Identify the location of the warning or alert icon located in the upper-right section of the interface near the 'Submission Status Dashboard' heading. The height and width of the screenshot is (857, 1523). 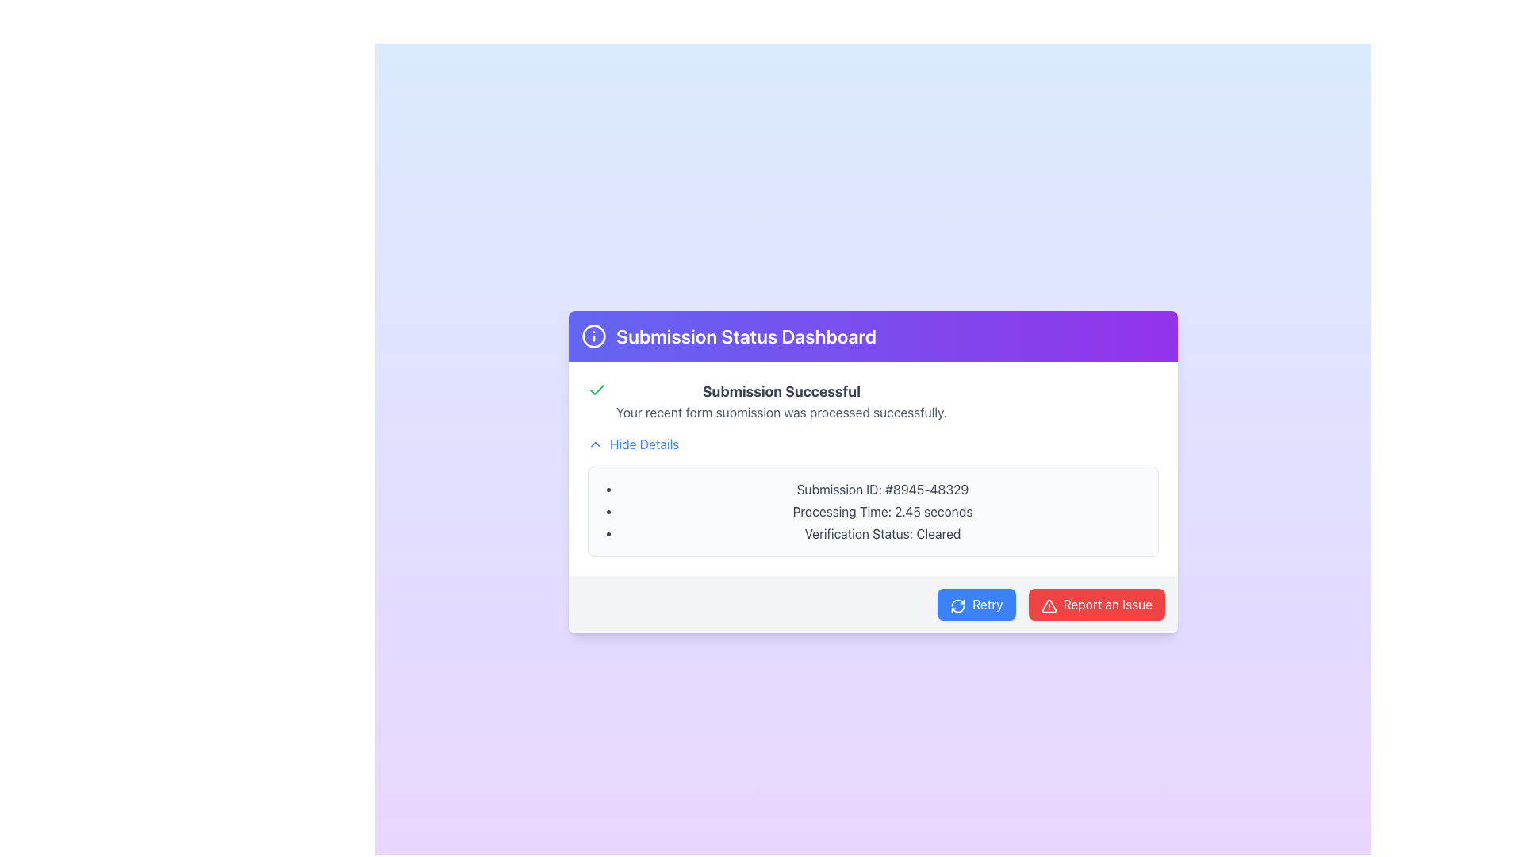
(1049, 605).